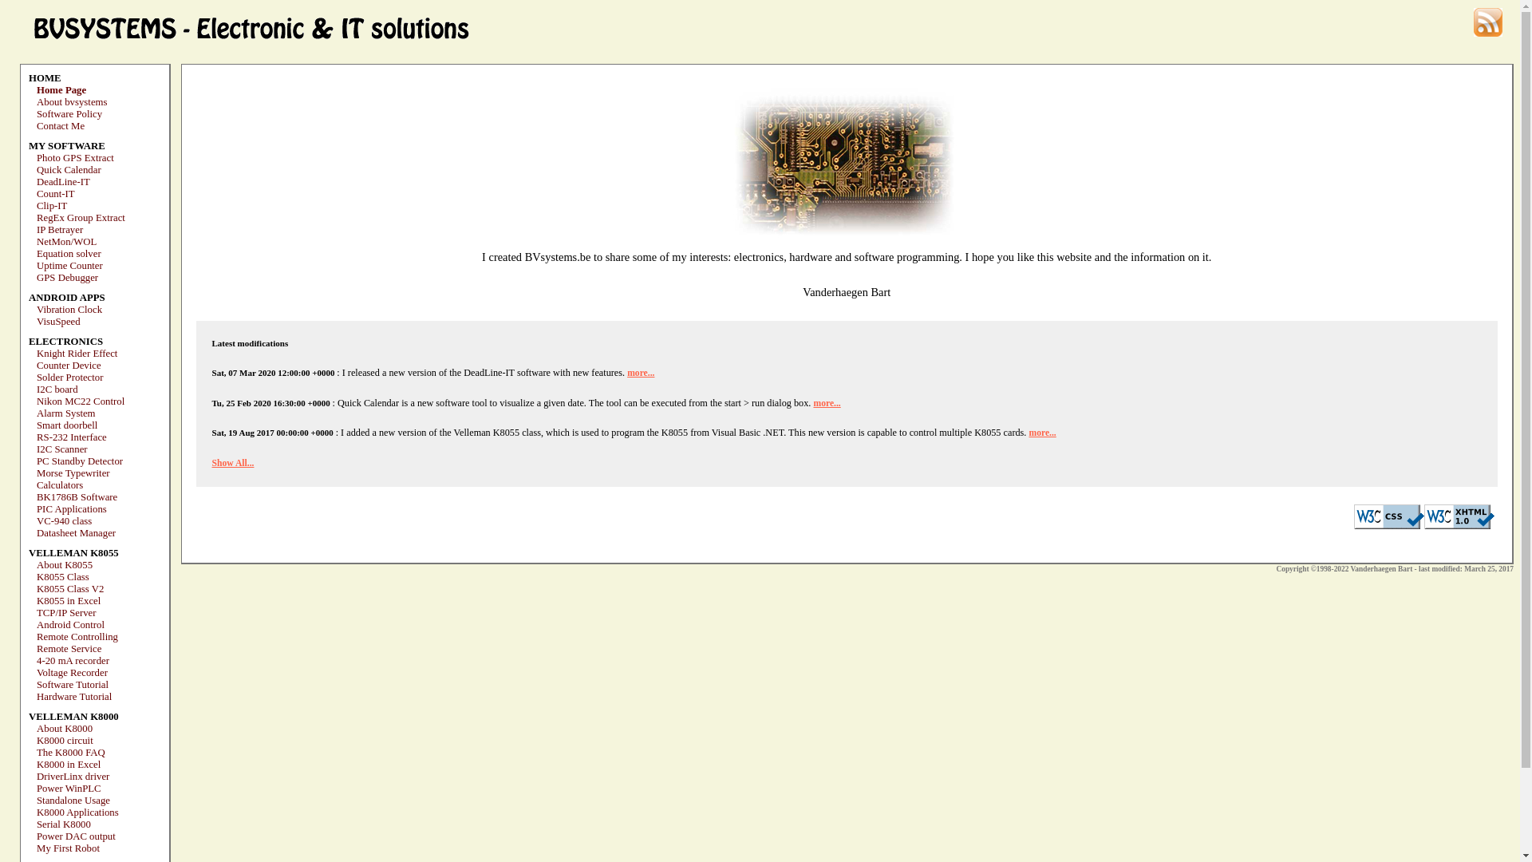  Describe the element at coordinates (71, 101) in the screenshot. I see `'About bvsystems'` at that location.